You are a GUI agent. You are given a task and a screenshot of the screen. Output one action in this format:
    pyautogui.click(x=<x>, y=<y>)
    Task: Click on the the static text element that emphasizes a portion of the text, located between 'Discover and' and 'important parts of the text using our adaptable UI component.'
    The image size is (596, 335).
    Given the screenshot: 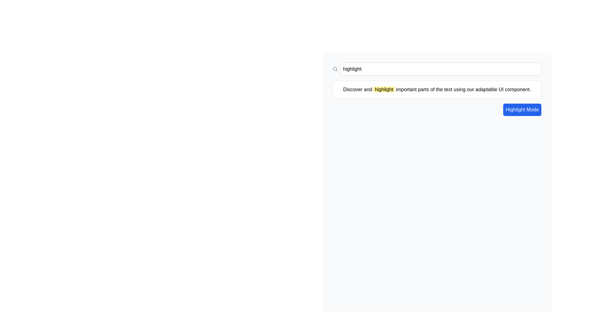 What is the action you would take?
    pyautogui.click(x=384, y=89)
    